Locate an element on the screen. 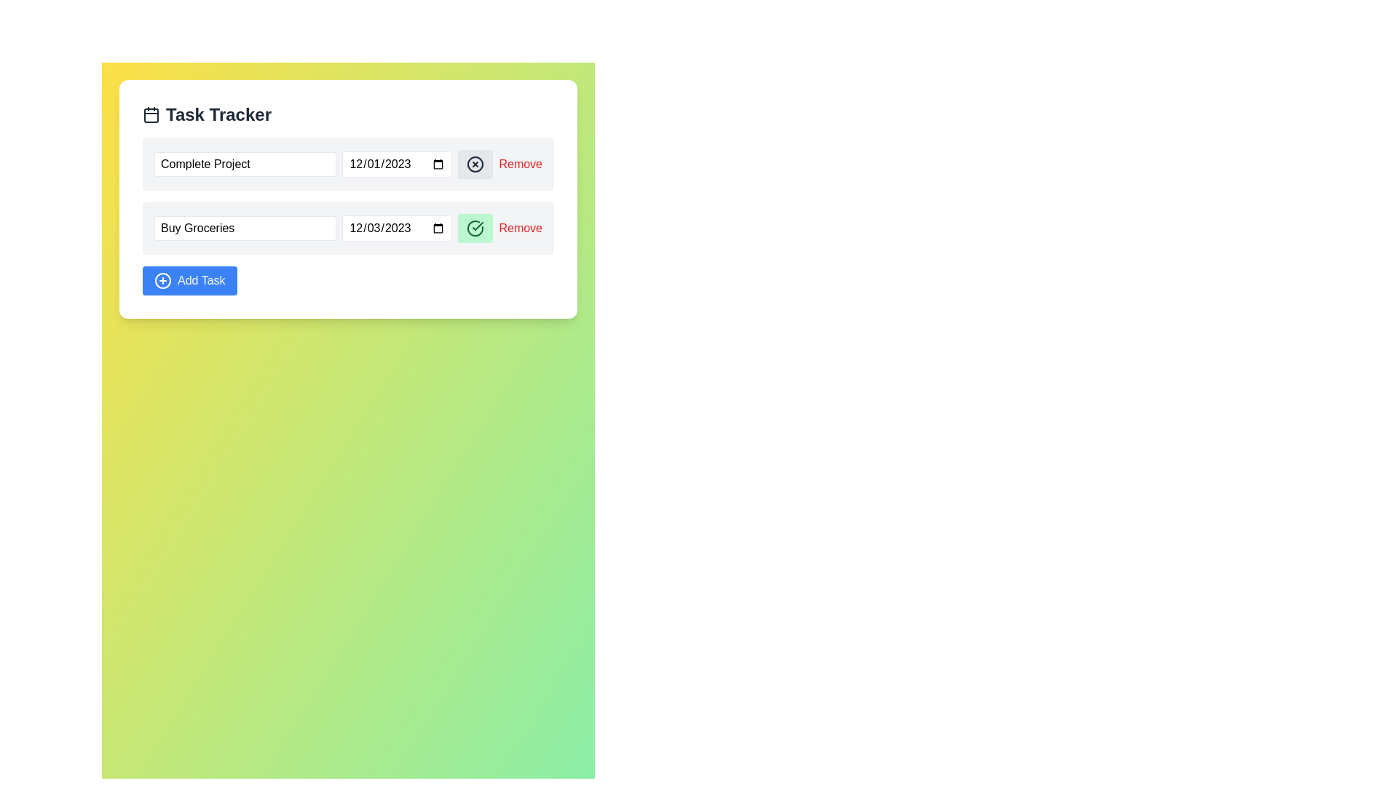 The width and height of the screenshot is (1398, 786). the text input field for editing the task name, which currently displays 'Complete Project' is located at coordinates (245, 164).